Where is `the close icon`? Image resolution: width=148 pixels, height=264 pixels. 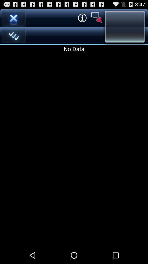
the close icon is located at coordinates (14, 20).